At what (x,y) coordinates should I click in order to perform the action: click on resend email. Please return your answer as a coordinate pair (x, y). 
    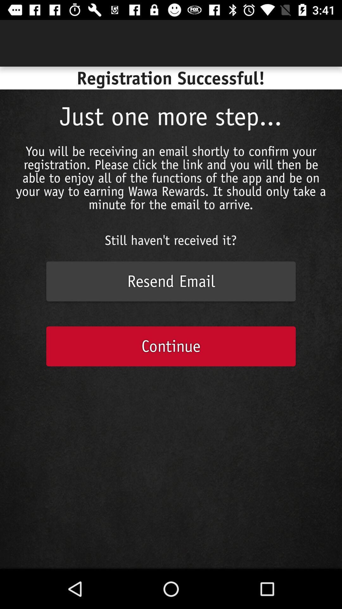
    Looking at the image, I should click on (171, 281).